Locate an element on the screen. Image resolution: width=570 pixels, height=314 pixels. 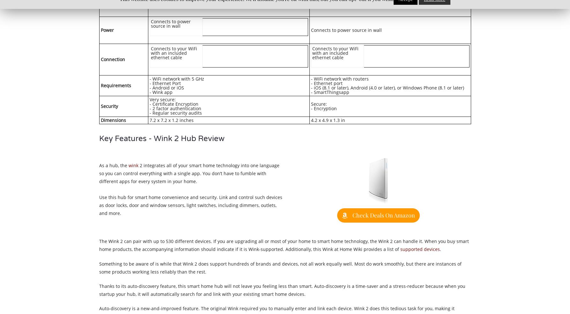
'Security' is located at coordinates (109, 105).